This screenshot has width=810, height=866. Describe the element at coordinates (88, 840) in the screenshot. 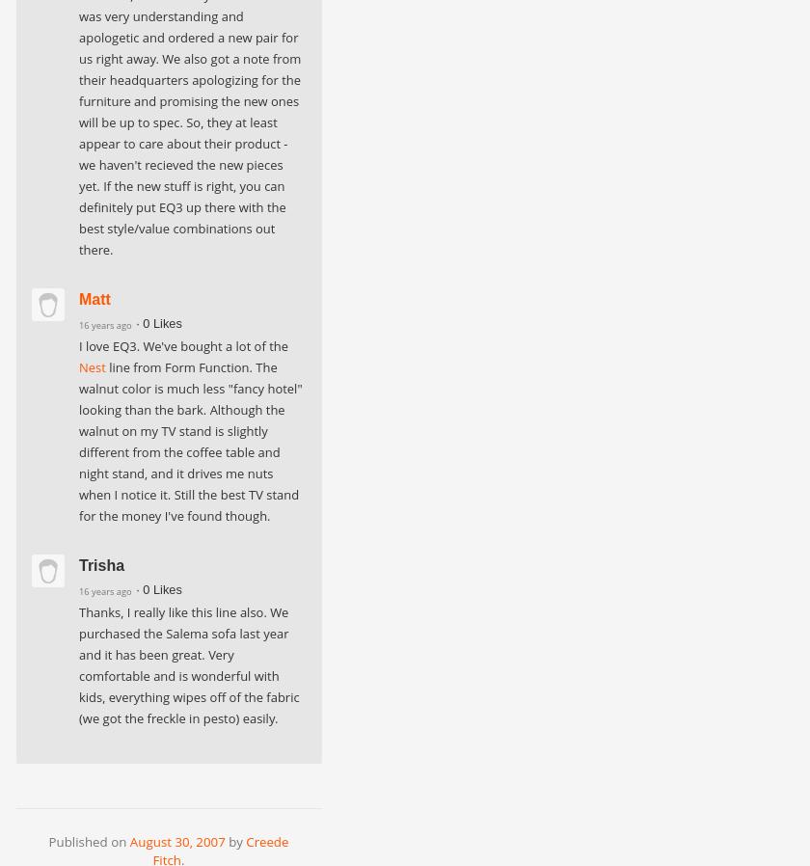

I see `'Published on'` at that location.